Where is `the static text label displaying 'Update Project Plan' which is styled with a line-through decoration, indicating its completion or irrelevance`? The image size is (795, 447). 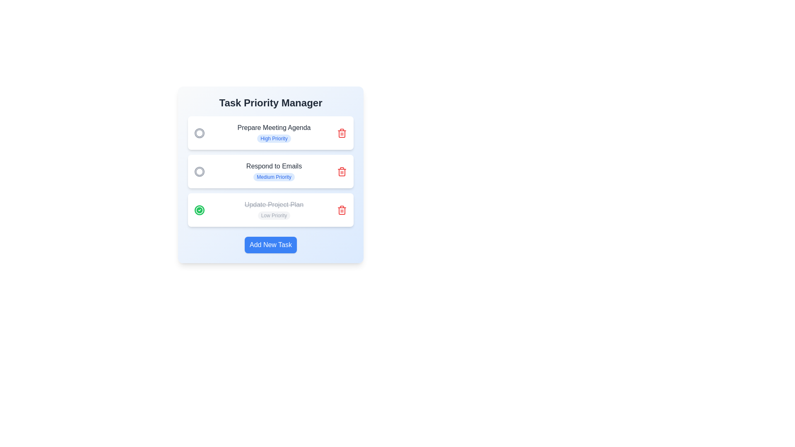
the static text label displaying 'Update Project Plan' which is styled with a line-through decoration, indicating its completion or irrelevance is located at coordinates (274, 204).